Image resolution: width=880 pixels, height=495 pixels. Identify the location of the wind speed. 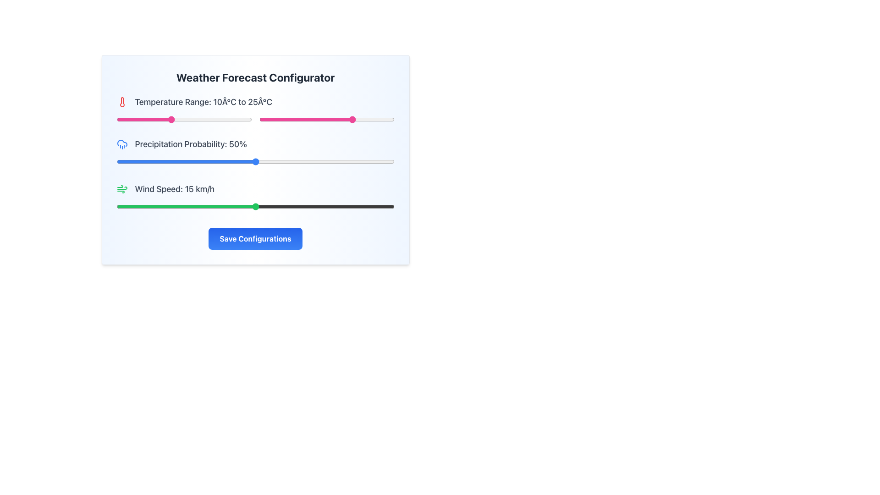
(181, 207).